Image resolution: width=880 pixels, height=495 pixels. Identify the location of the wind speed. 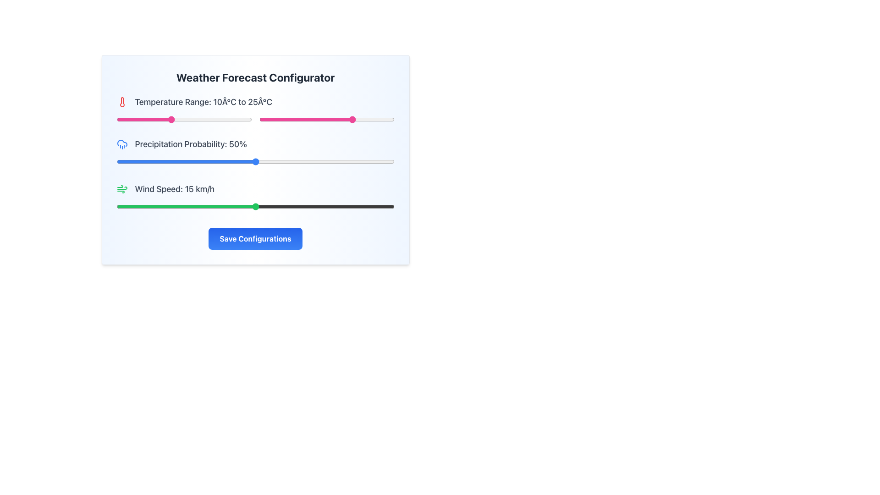
(181, 207).